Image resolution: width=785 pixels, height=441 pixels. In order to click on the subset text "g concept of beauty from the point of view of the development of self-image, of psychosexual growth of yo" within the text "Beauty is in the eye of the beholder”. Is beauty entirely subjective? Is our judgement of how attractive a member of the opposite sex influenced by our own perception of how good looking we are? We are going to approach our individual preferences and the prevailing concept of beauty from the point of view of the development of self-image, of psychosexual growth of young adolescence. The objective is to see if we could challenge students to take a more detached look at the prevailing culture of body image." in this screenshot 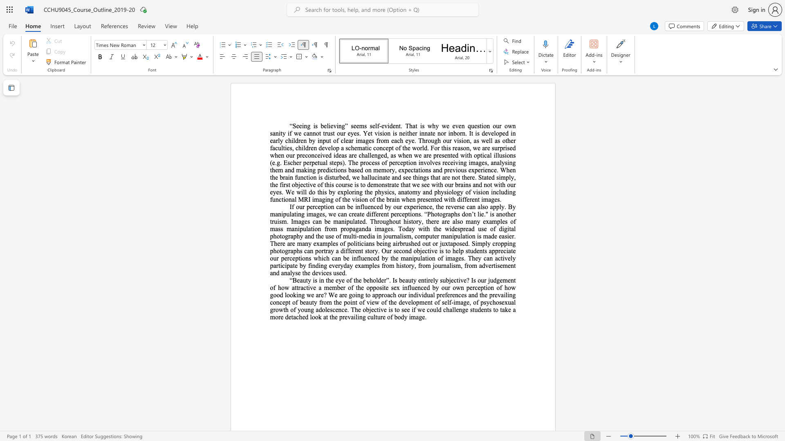, I will do `click(512, 295)`.